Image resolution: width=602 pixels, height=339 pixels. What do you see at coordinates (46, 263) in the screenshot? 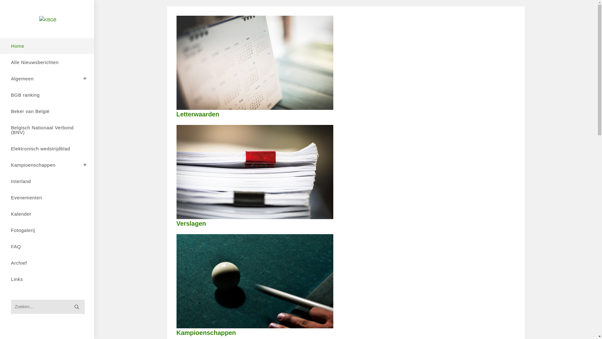
I see `'Archief'` at bounding box center [46, 263].